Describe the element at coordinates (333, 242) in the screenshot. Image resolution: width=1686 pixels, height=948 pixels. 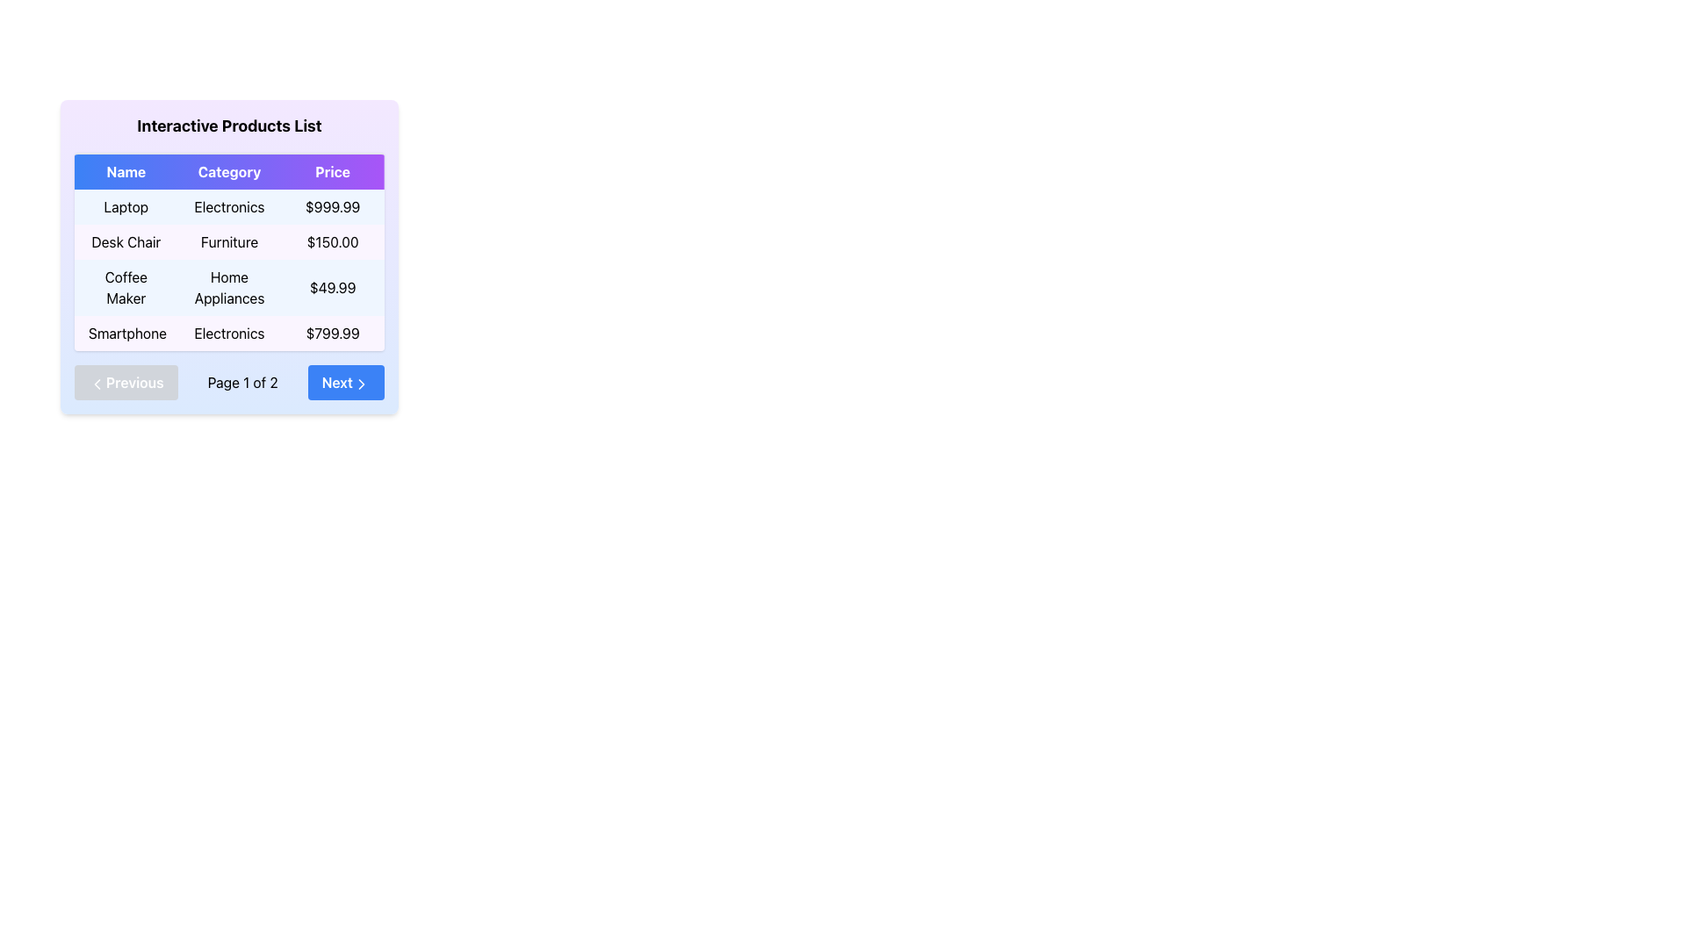
I see `text displaying the price '$150.00' located in the third column of the second row of the table titled 'Interactive Products List'` at that location.